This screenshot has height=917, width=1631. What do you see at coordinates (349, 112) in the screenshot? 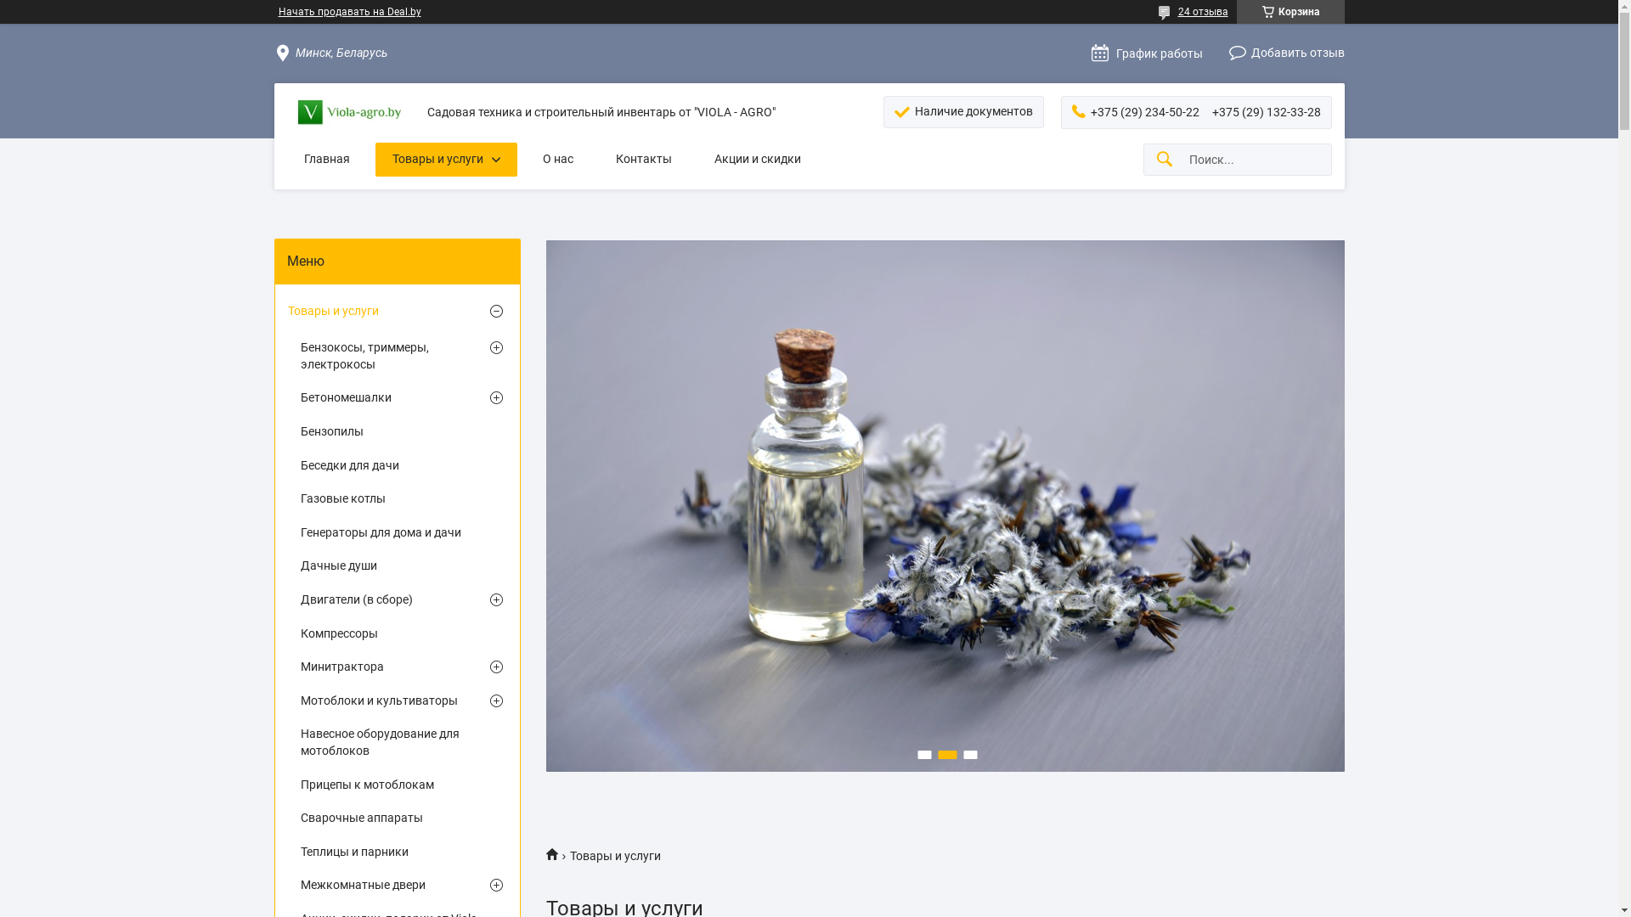
I see `'Viola-Agro'` at bounding box center [349, 112].